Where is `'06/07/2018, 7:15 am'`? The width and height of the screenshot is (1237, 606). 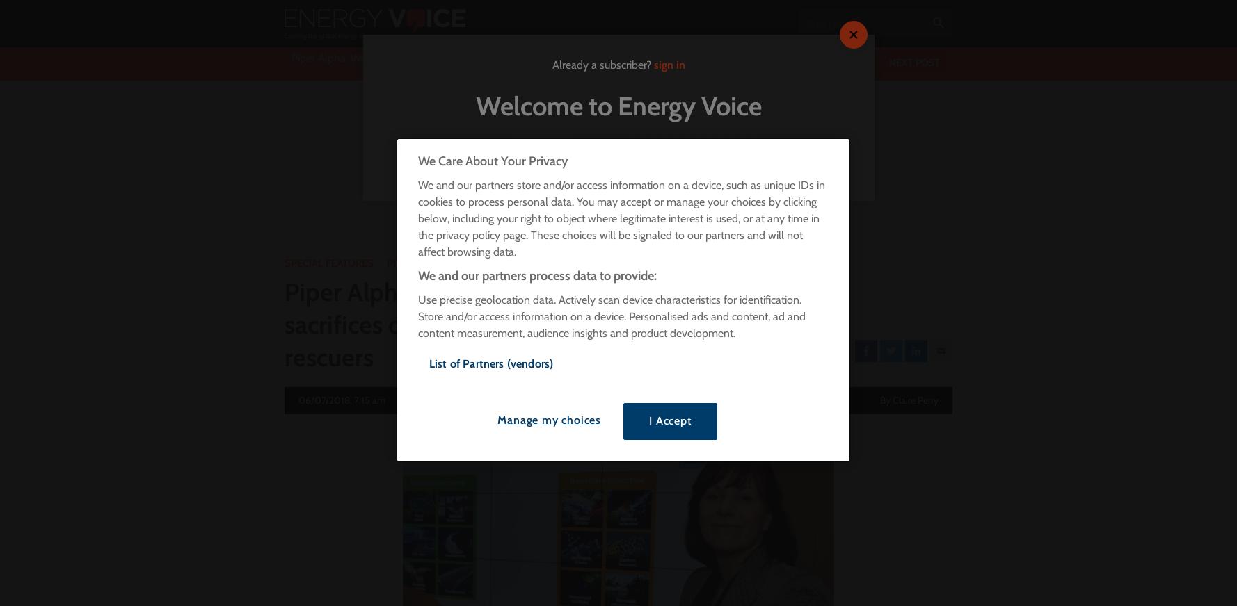 '06/07/2018, 7:15 am' is located at coordinates (298, 400).